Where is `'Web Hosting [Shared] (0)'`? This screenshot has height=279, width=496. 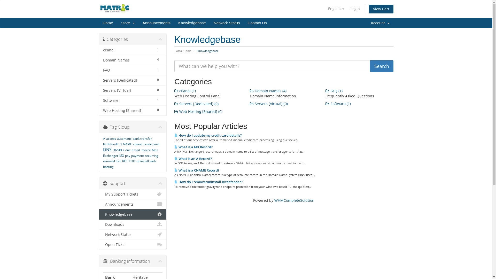 'Web Hosting [Shared] (0)' is located at coordinates (198, 111).